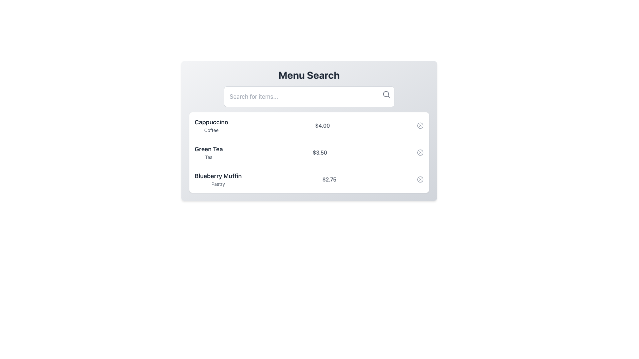  I want to click on the static text label displaying 'Tea' located in the second item row of the 'Menu Search' interface, beneath the heading 'Green Tea', so click(208, 157).